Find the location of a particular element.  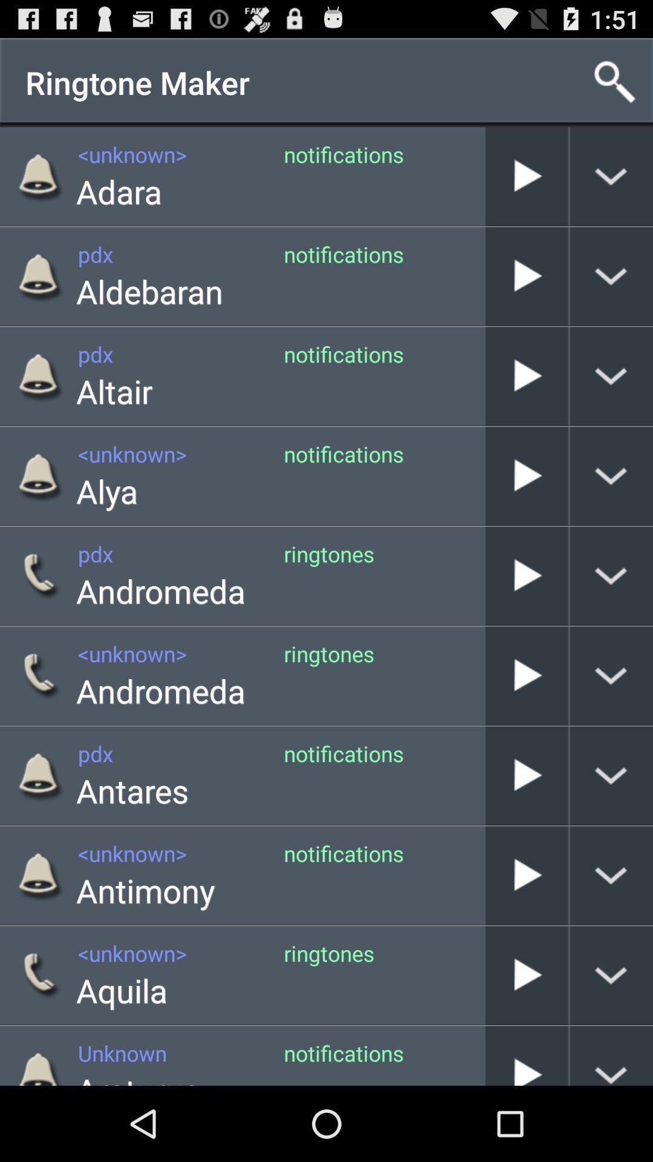

the altair icon is located at coordinates (114, 391).